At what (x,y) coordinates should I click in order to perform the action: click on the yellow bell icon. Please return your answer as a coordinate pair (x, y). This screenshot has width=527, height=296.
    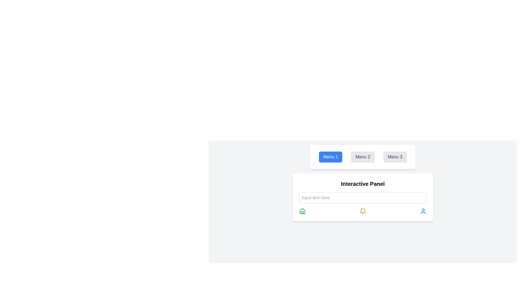
    Looking at the image, I should click on (363, 211).